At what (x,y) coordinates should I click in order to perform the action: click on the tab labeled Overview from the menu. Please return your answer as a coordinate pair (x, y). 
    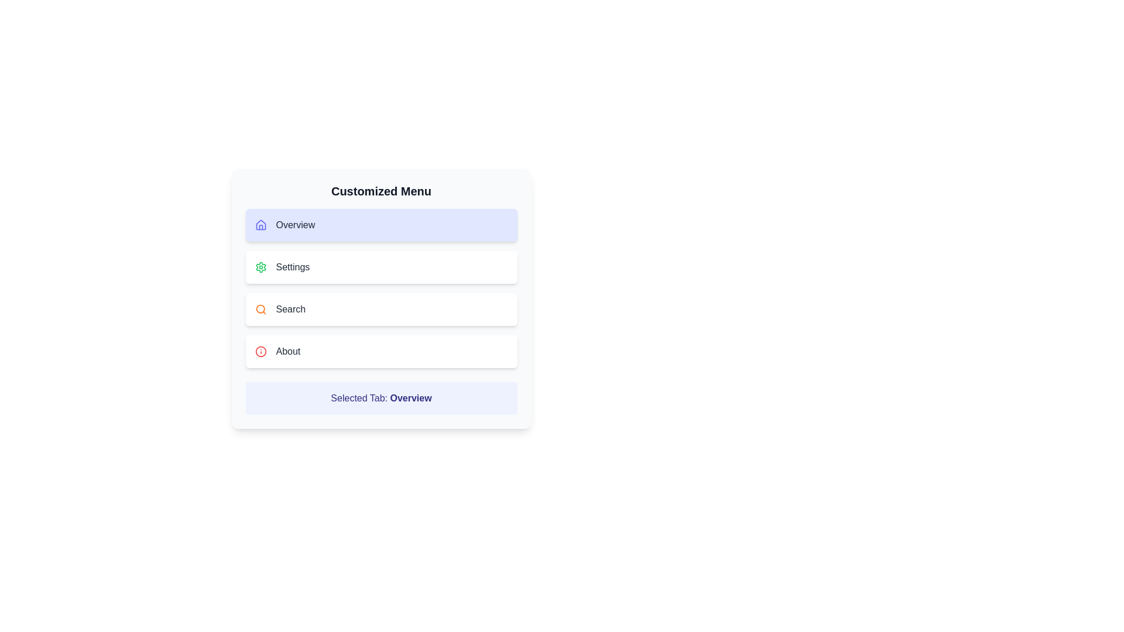
    Looking at the image, I should click on (381, 225).